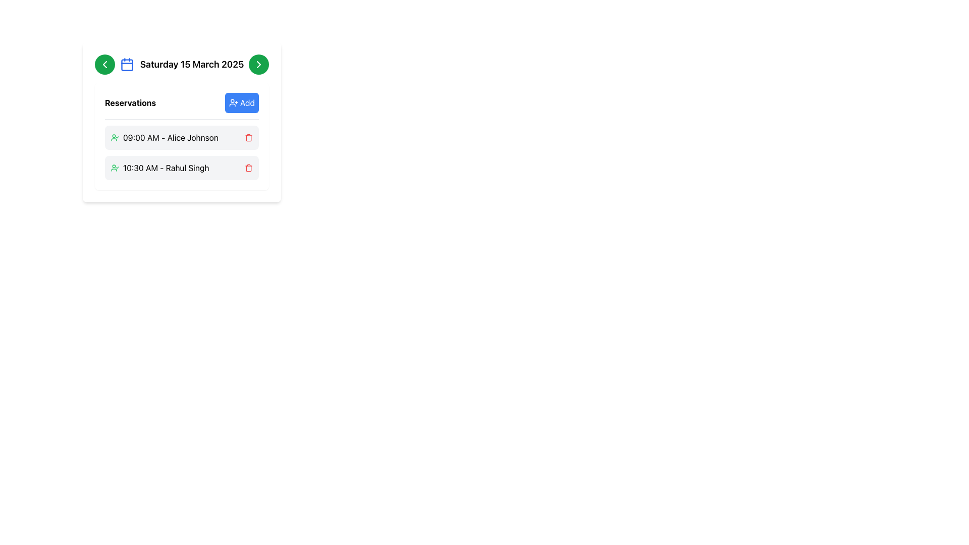 This screenshot has width=969, height=545. I want to click on the calendar icon located to the left of the date text 'Saturday 15 March 2025' in the 'Reservations' panel, so click(126, 64).